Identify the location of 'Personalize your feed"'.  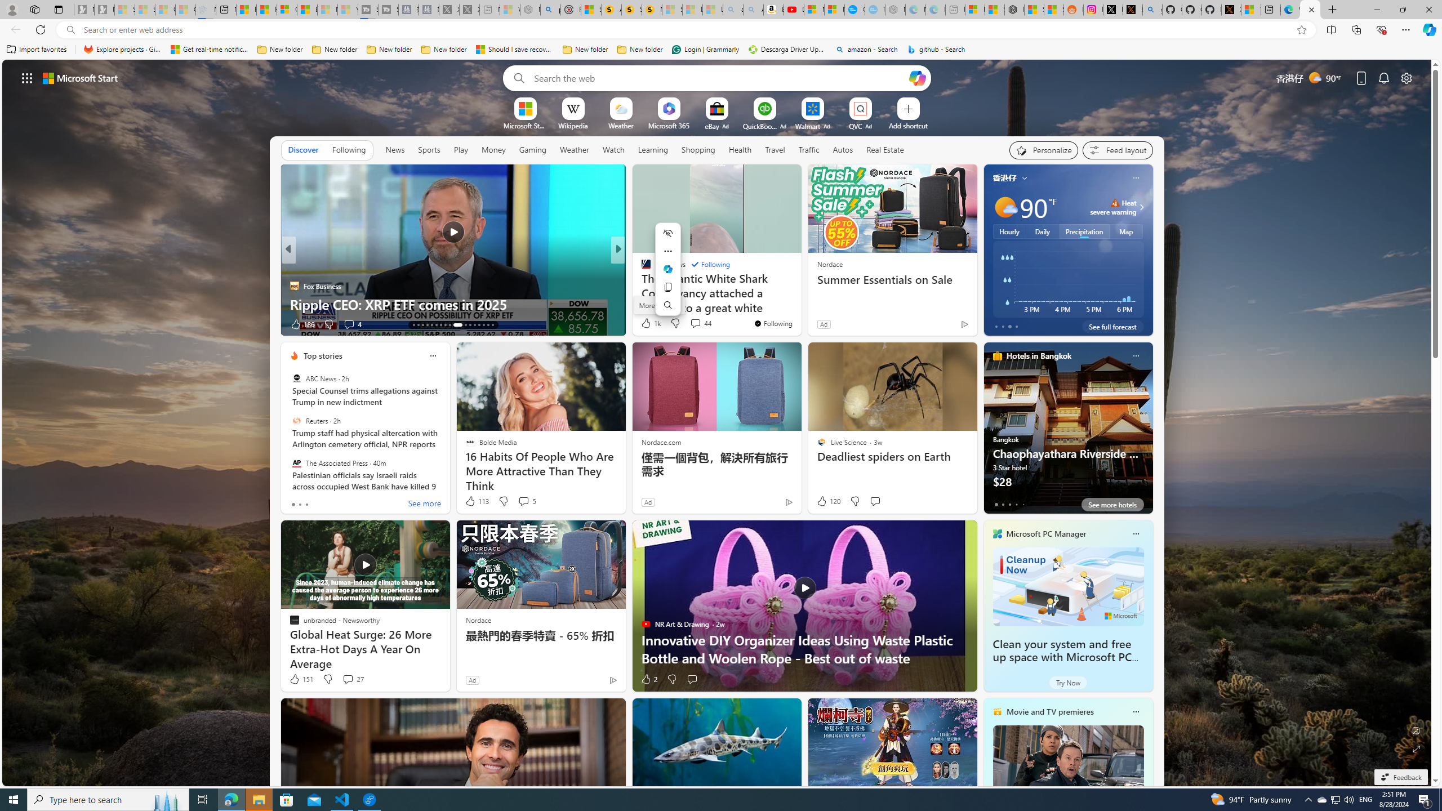
(1043, 150).